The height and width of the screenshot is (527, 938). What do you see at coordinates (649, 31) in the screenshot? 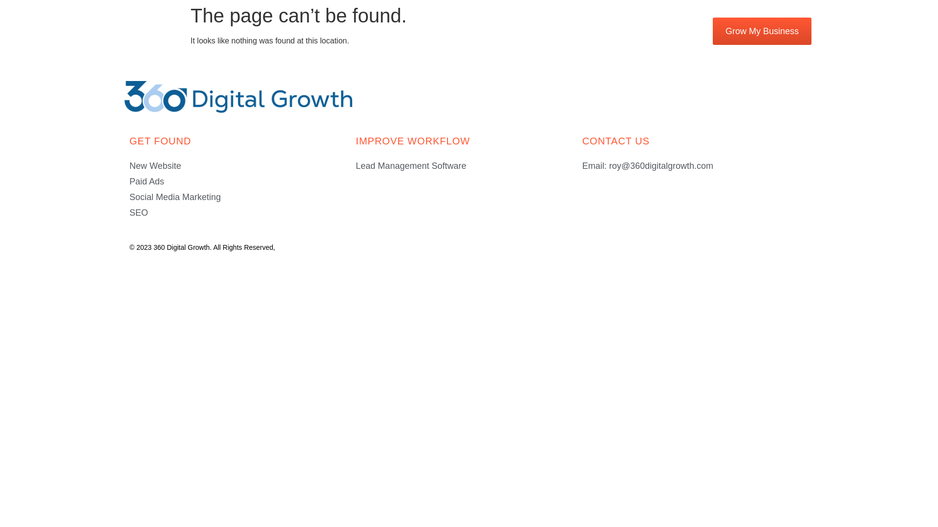
I see `'(800) 344-6516'` at bounding box center [649, 31].